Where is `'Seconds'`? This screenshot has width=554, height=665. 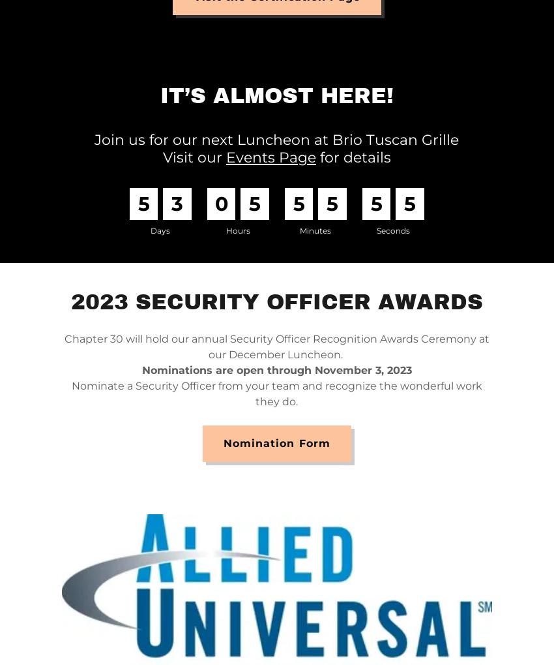
'Seconds' is located at coordinates (375, 230).